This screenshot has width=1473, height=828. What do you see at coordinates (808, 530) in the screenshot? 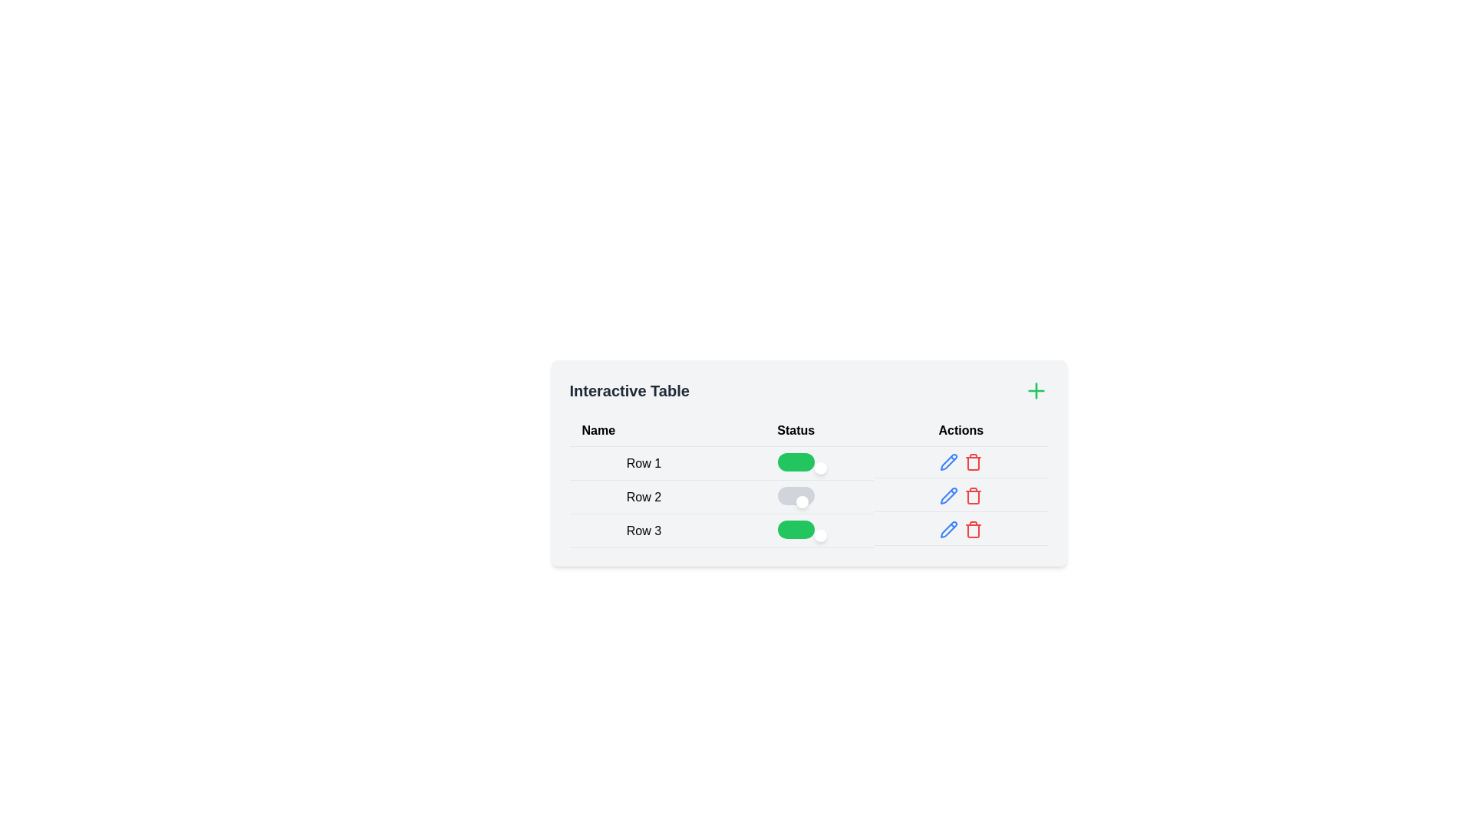
I see `the toggle switch located in the 'Status' column of 'Row 3' in the 'Interactive Table'` at bounding box center [808, 530].